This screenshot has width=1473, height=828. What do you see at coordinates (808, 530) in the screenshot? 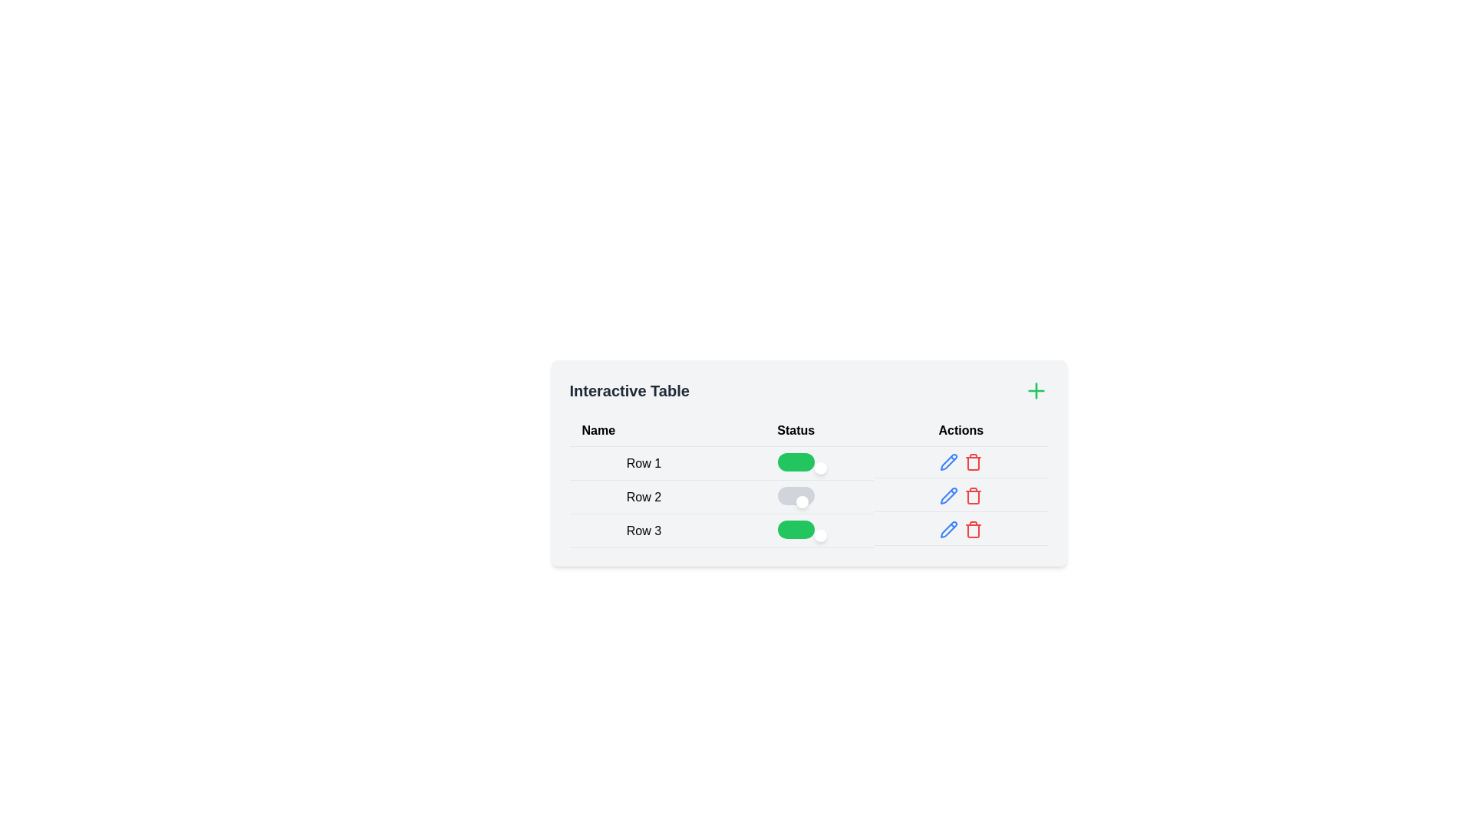
I see `the toggle switch located in the 'Status' column of 'Row 3' in the 'Interactive Table'` at bounding box center [808, 530].